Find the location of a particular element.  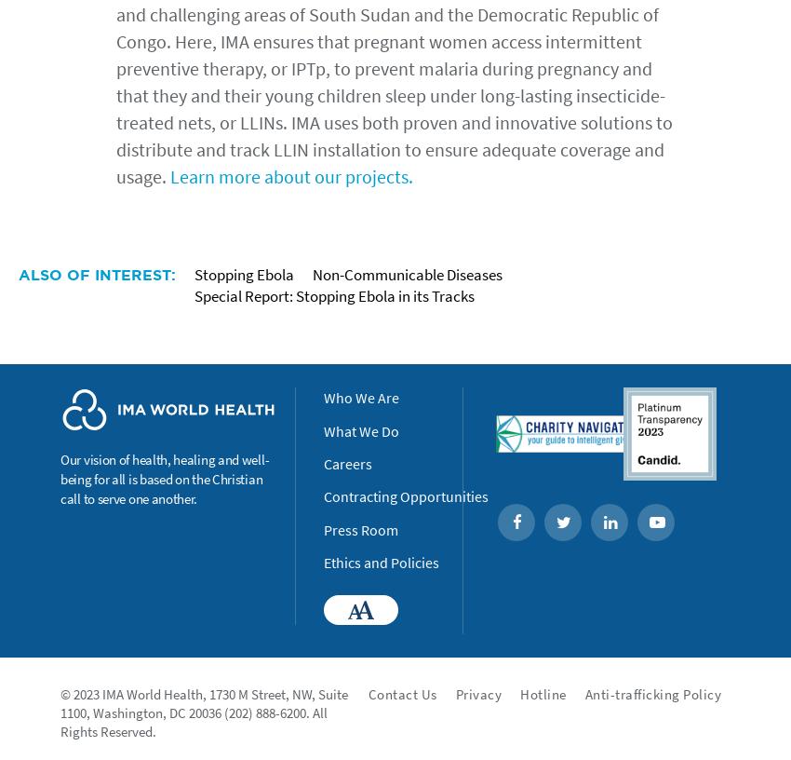

'What We Do' is located at coordinates (361, 429).